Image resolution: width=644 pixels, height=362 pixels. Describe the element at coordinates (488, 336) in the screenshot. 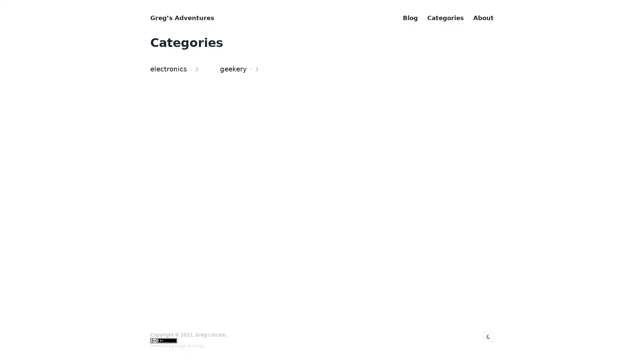

I see `Switch to dark appearance` at that location.